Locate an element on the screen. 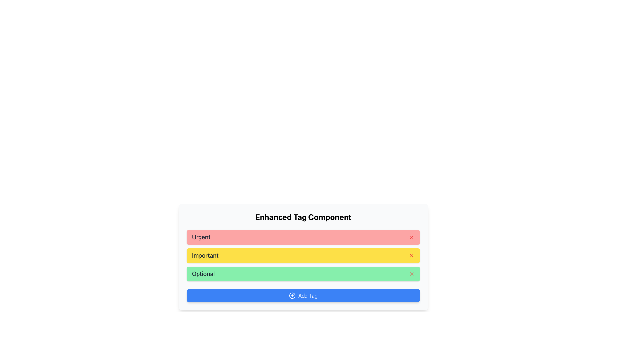  keyboard navigation is located at coordinates (411, 274).